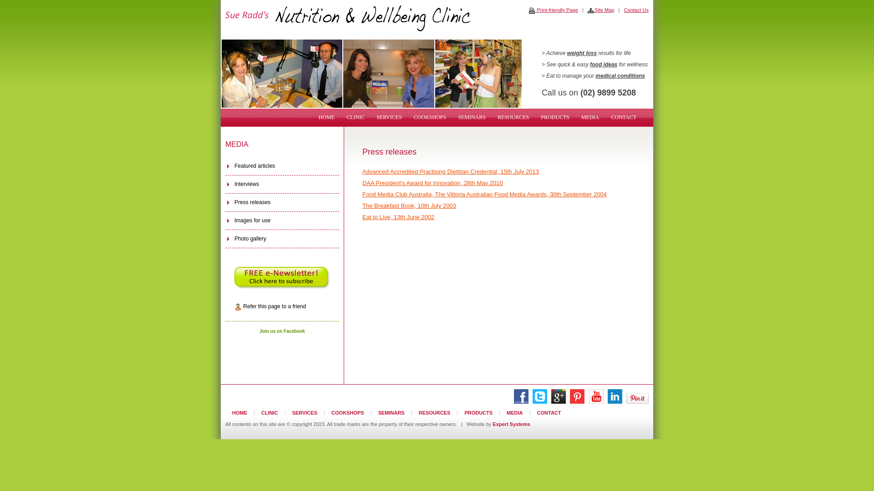 The width and height of the screenshot is (874, 491). Describe the element at coordinates (281, 166) in the screenshot. I see `'Featured articles'` at that location.